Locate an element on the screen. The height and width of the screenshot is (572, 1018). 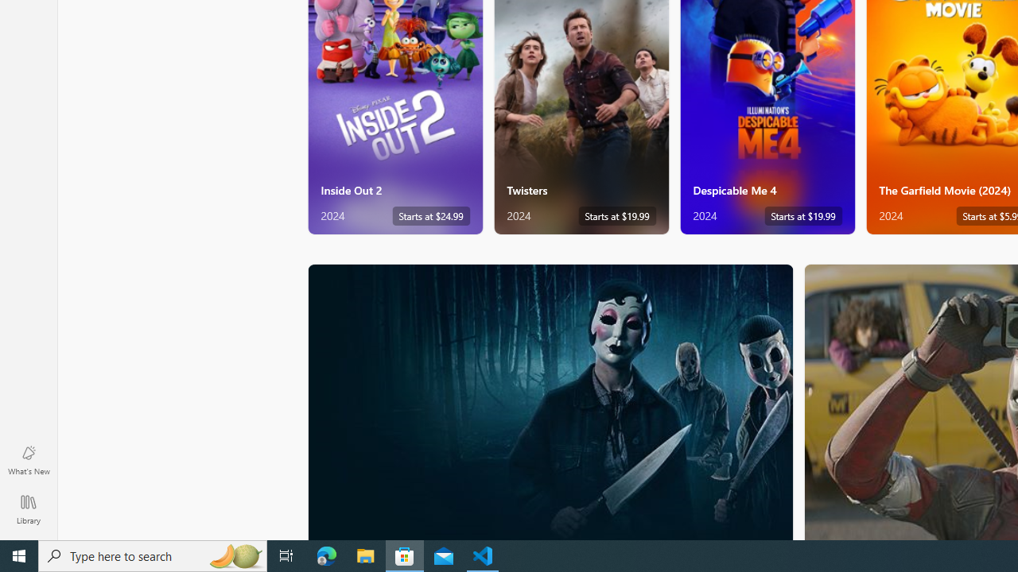
'Horror' is located at coordinates (550, 400).